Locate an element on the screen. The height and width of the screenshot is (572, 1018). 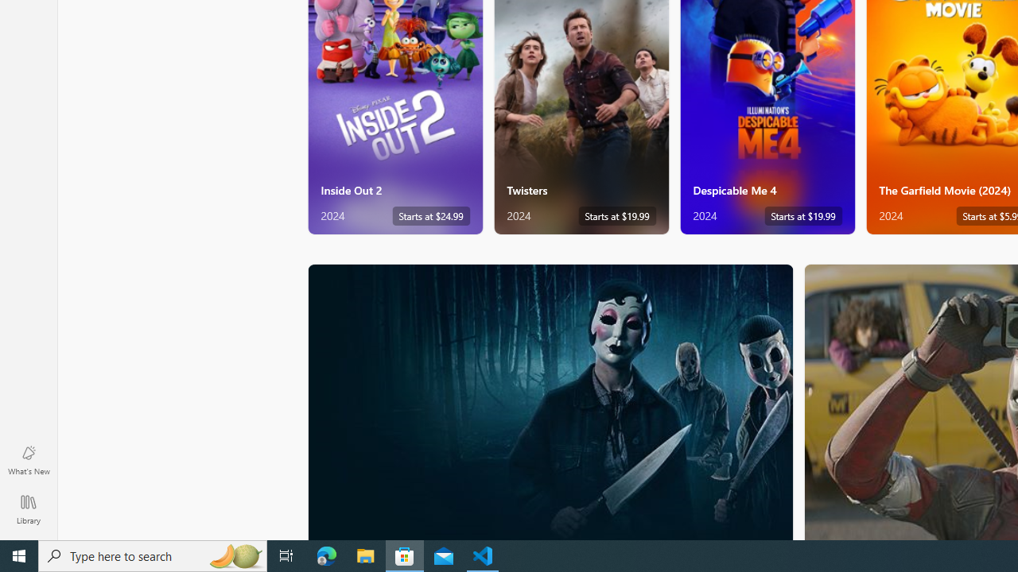
'Horror' is located at coordinates (550, 400).